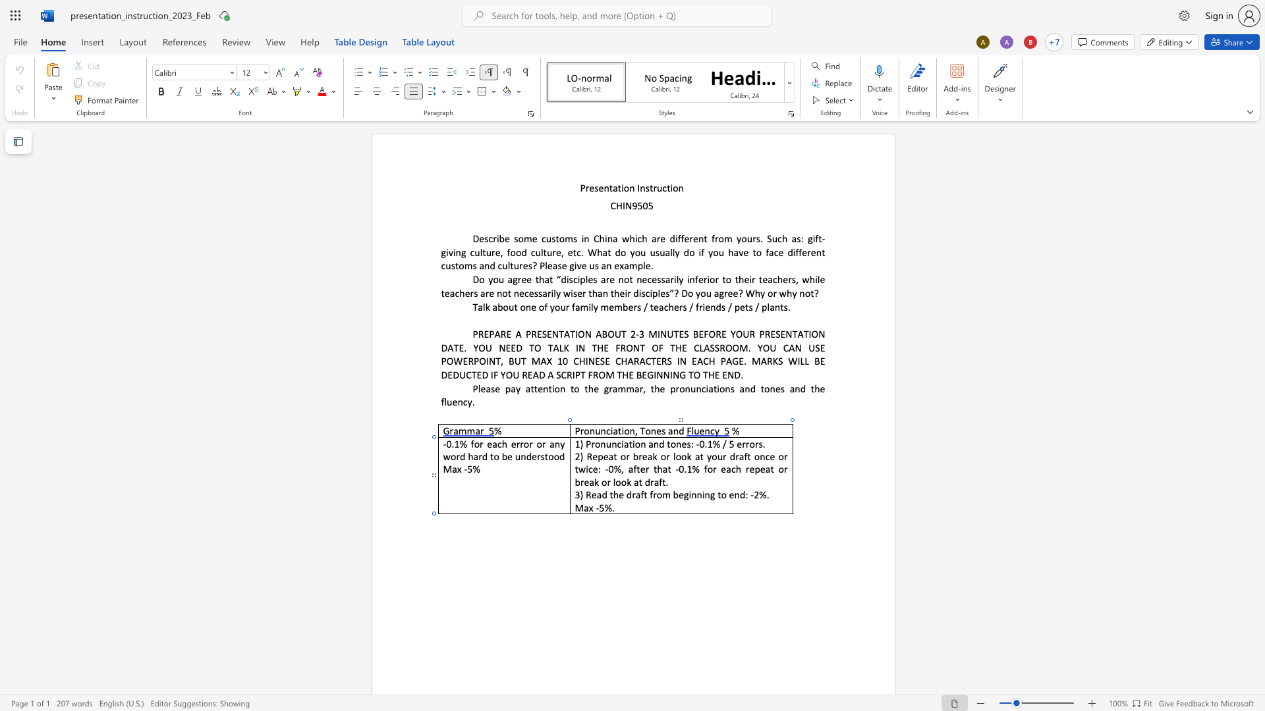 Image resolution: width=1265 pixels, height=711 pixels. Describe the element at coordinates (678, 494) in the screenshot. I see `the space between the continuous character "b" and "e" in the text` at that location.